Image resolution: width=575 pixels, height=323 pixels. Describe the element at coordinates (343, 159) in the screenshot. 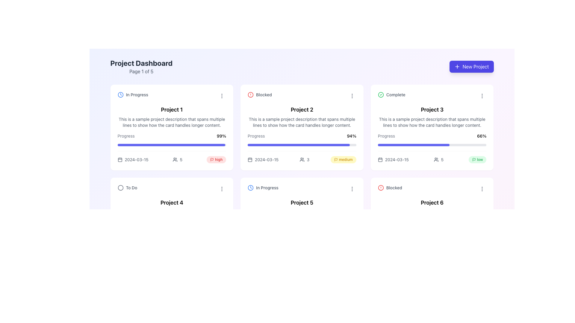

I see `the label with an icon indicating the priority or status of the project located in the second card of the second row in the project dashboard, near the date and user count information` at that location.